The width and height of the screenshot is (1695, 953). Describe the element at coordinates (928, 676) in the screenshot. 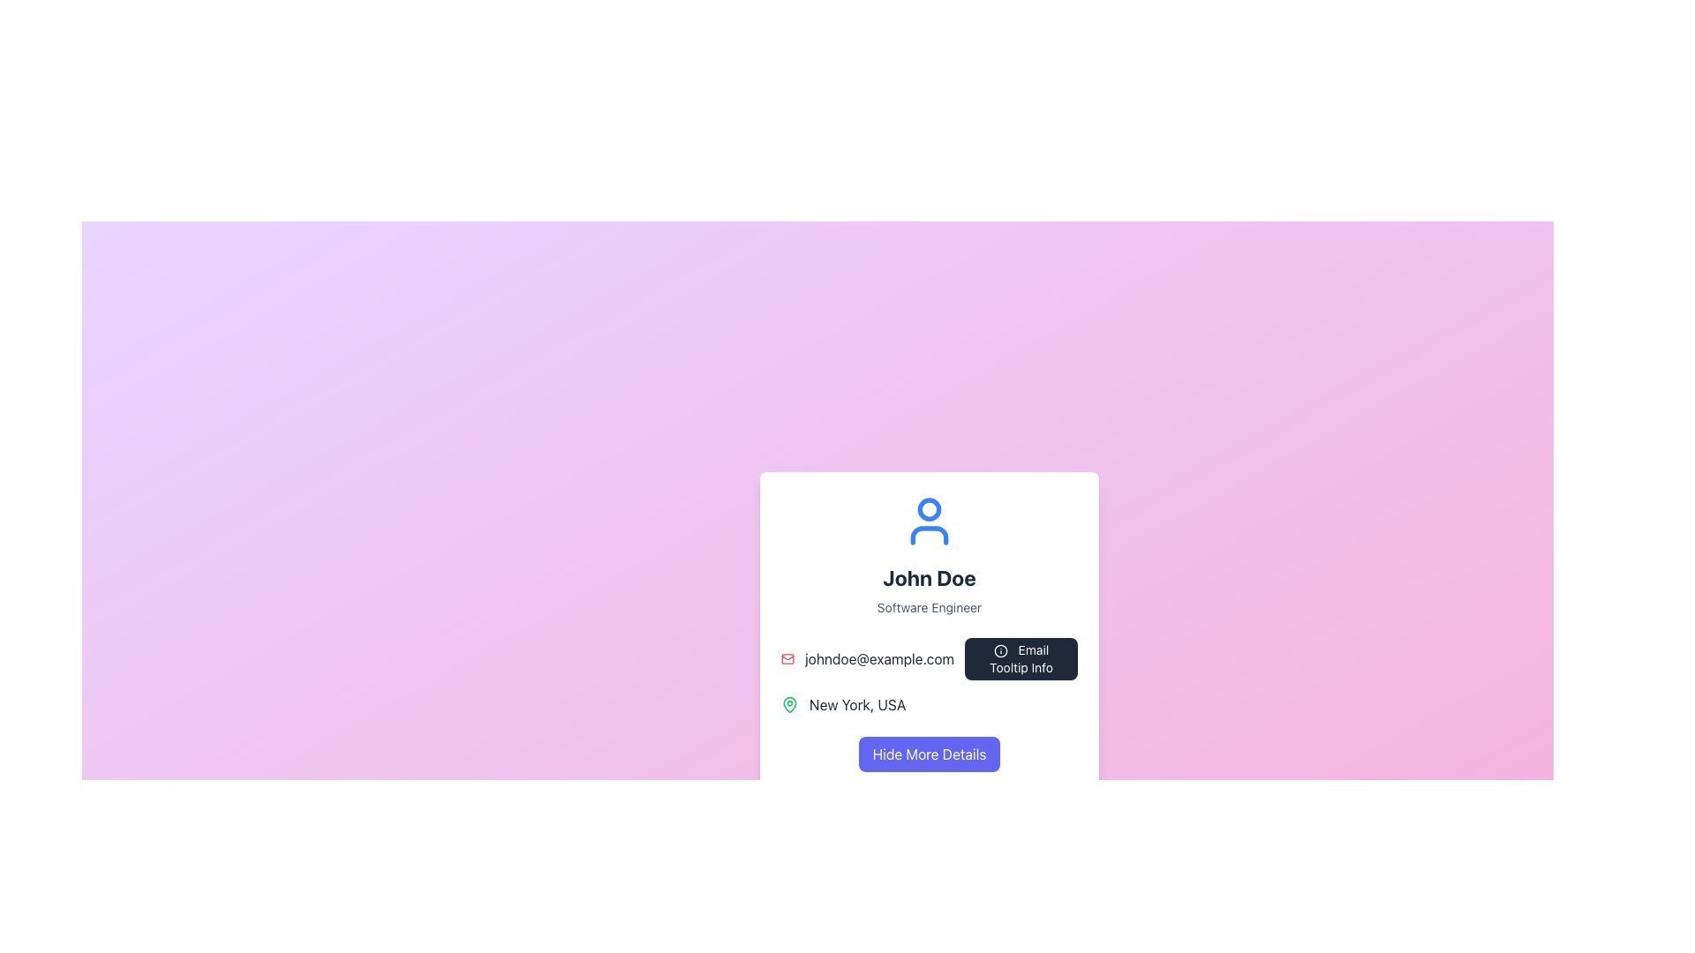

I see `the email address 'johndoe@example.com' in the Information Display Section to initiate an email client` at that location.